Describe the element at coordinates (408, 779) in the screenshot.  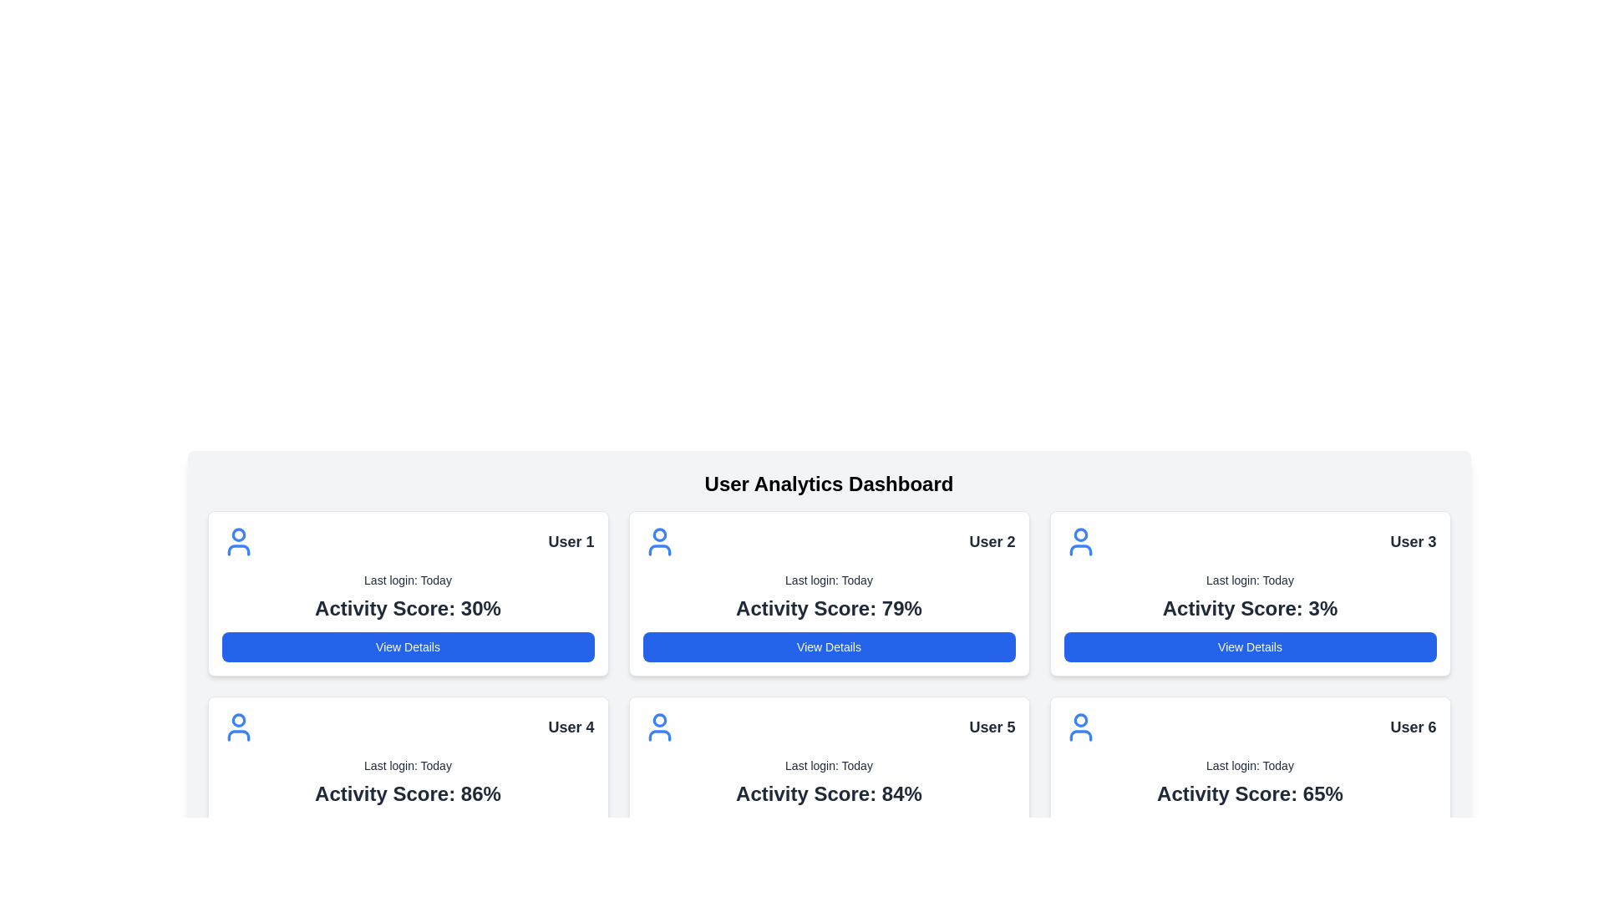
I see `the Information card for 'User 4', which displays their last login time and activity score, located in the second row, first column of a grid layout` at that location.